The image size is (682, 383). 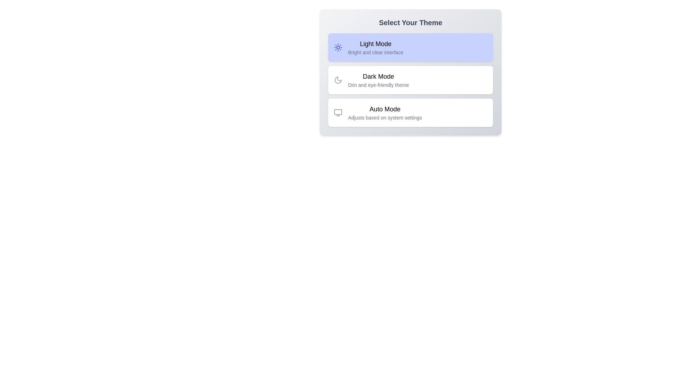 What do you see at coordinates (411, 80) in the screenshot?
I see `the theme card for Dark mode` at bounding box center [411, 80].